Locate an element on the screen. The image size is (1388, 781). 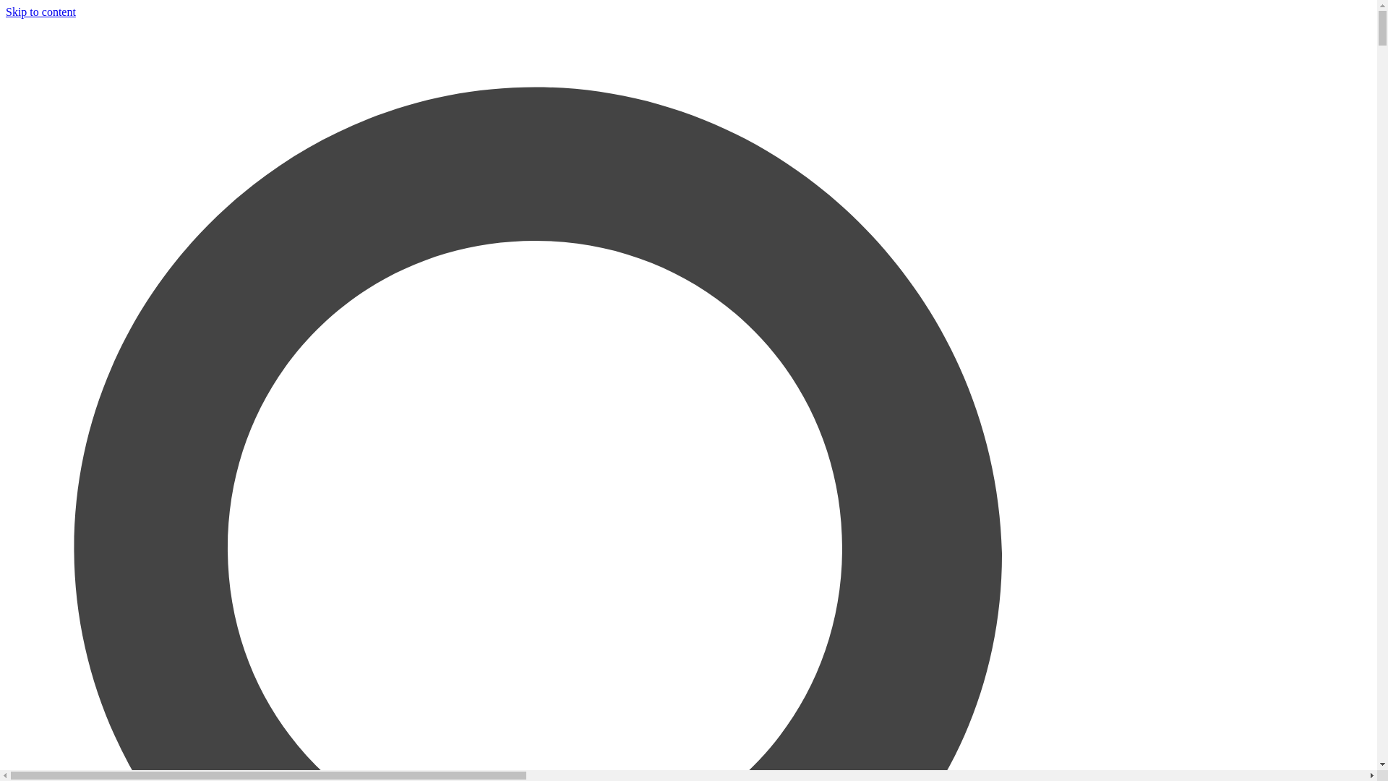
'Skip to content' is located at coordinates (40, 12).